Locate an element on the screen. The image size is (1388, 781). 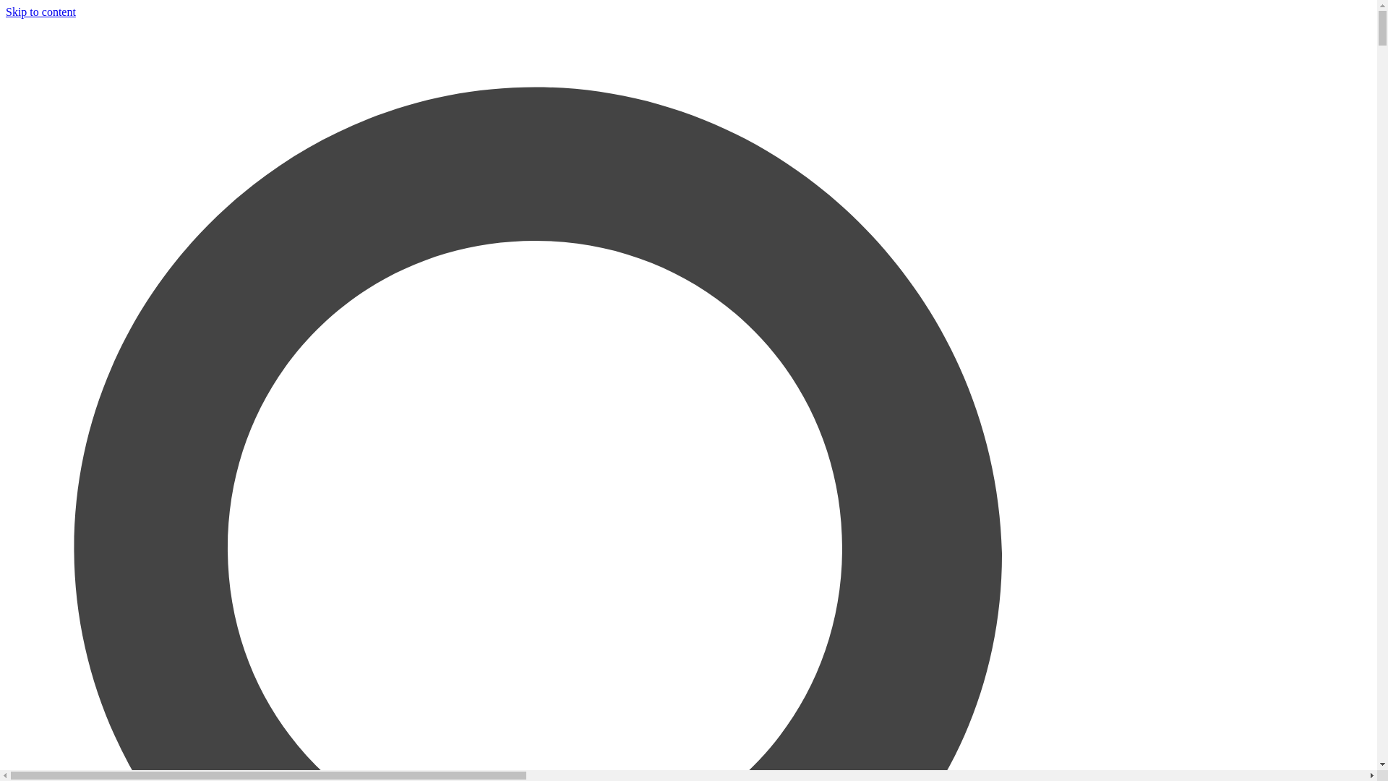
'Skip to content' is located at coordinates (40, 12).